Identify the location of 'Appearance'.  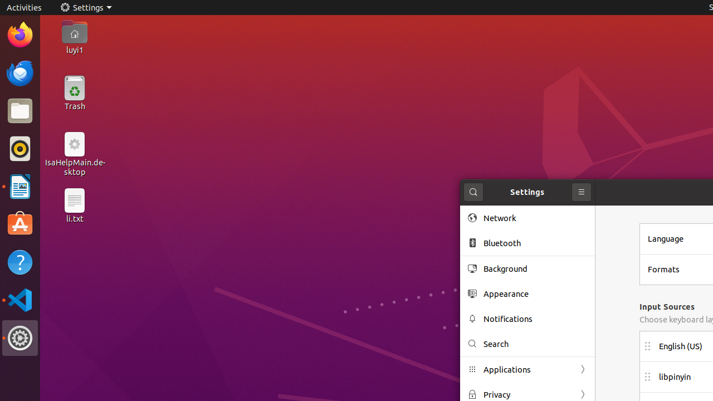
(535, 293).